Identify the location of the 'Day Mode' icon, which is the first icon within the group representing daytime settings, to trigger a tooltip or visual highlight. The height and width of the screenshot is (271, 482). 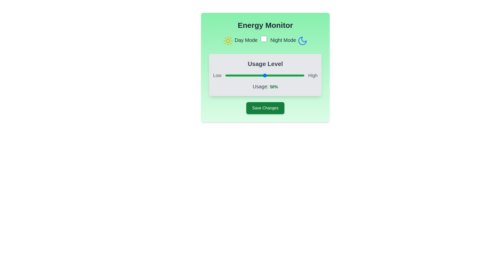
(228, 40).